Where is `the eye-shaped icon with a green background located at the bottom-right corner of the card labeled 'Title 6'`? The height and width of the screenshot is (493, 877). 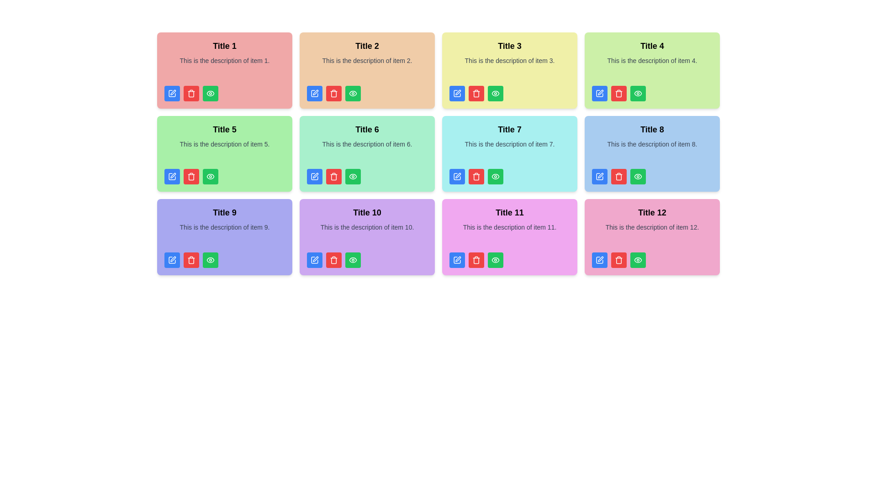 the eye-shaped icon with a green background located at the bottom-right corner of the card labeled 'Title 6' is located at coordinates (352, 176).